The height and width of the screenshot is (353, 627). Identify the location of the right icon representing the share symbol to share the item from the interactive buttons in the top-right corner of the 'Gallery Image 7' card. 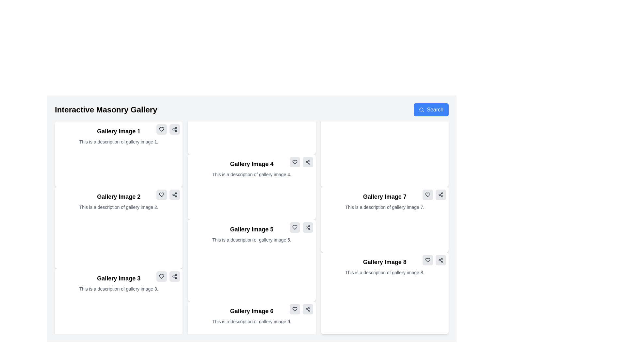
(434, 194).